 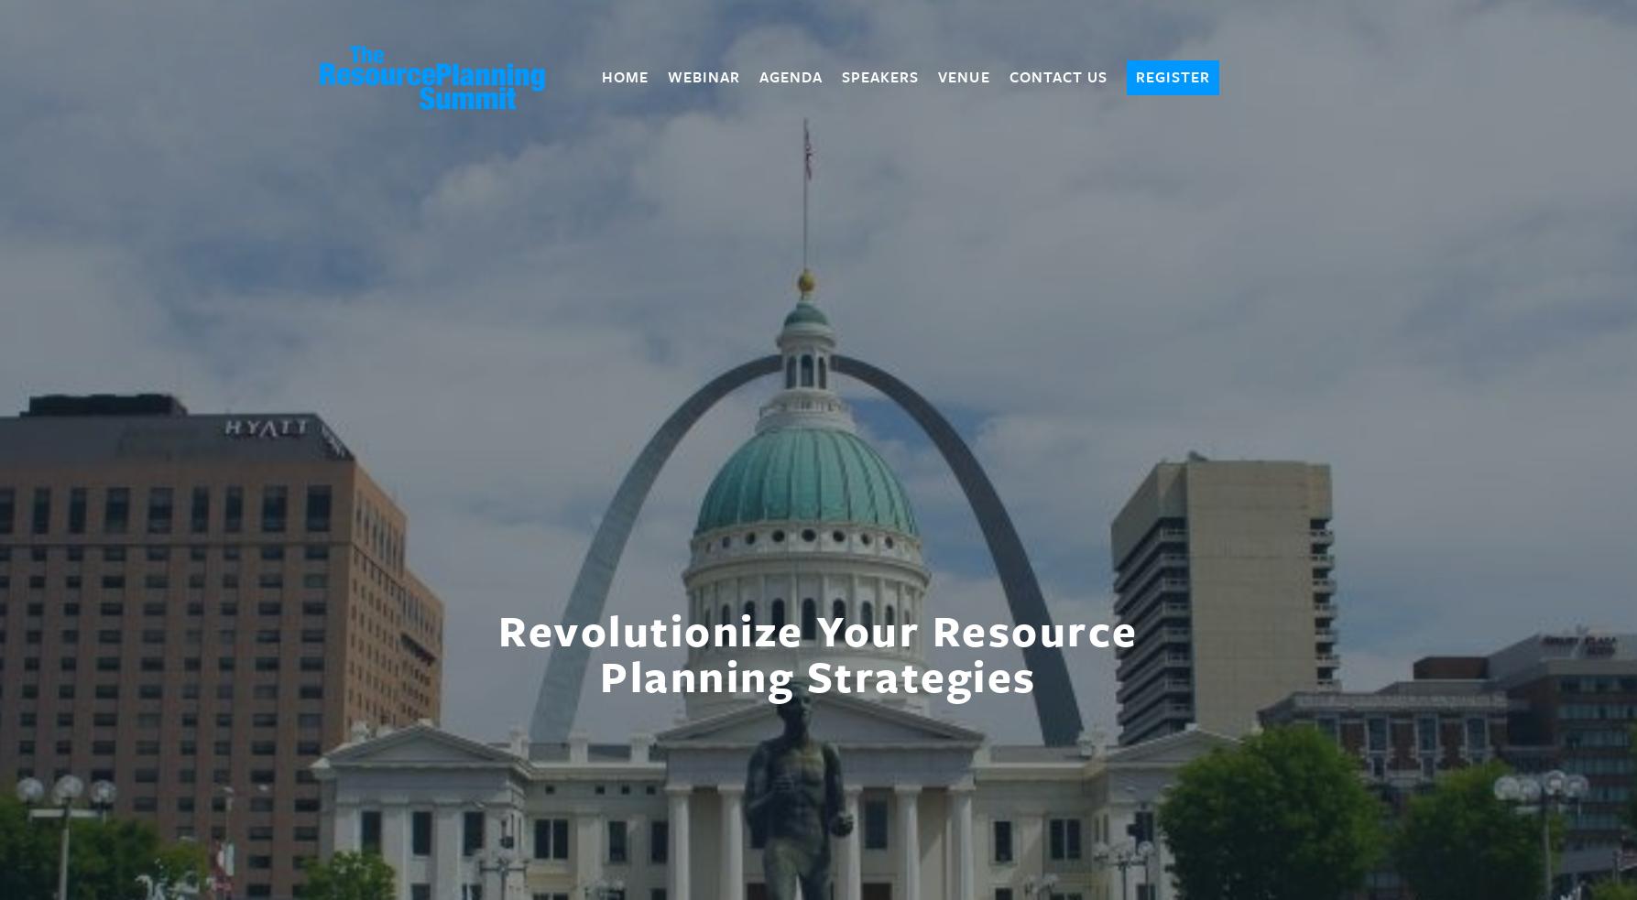 I want to click on 'Contact Us', so click(x=1057, y=76).